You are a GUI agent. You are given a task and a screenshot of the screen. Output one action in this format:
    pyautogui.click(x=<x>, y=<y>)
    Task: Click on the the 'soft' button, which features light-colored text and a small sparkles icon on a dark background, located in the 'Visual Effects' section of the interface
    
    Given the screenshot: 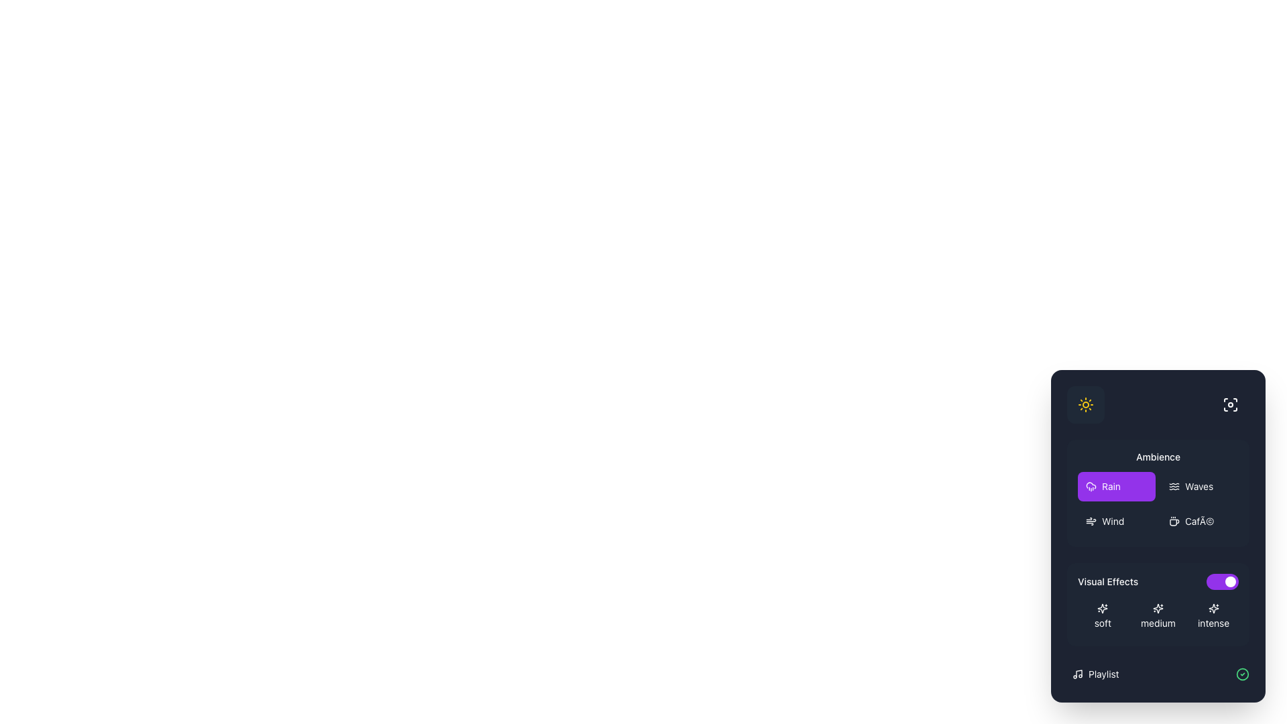 What is the action you would take?
    pyautogui.click(x=1103, y=617)
    